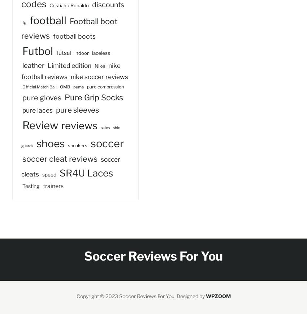  Describe the element at coordinates (39, 87) in the screenshot. I see `'Official Match Ball'` at that location.